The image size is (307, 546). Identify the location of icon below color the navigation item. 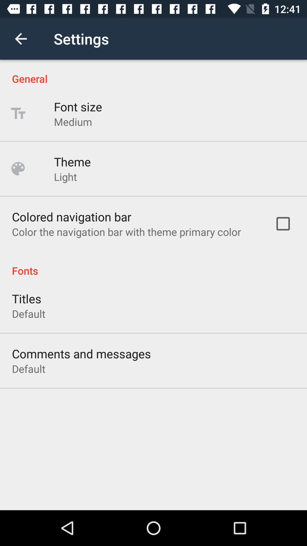
(153, 264).